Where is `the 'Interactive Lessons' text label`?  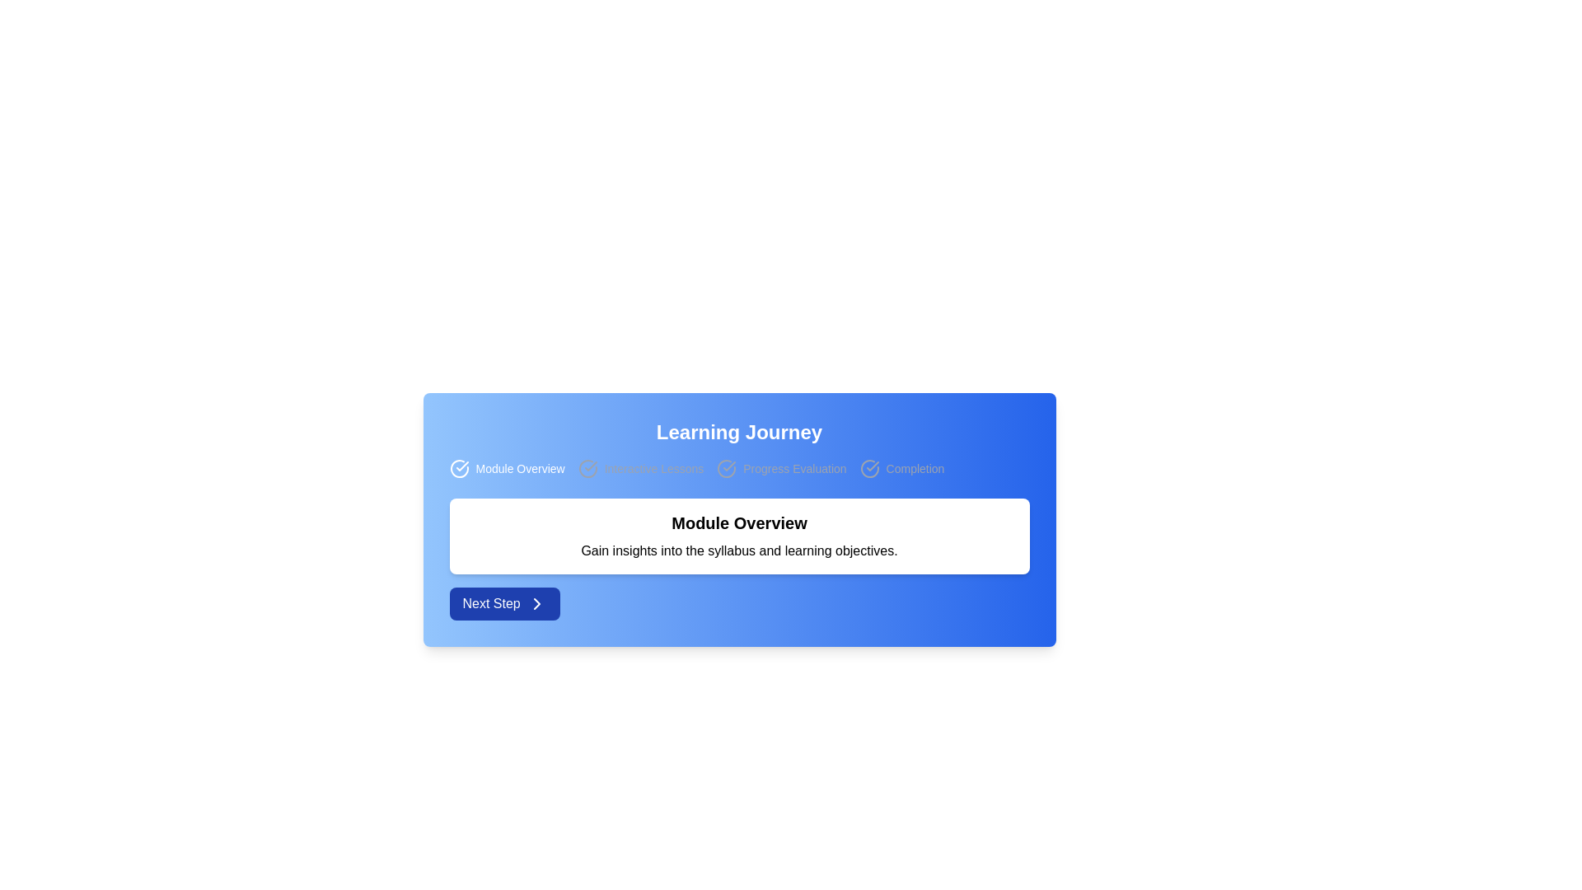 the 'Interactive Lessons' text label is located at coordinates (639, 469).